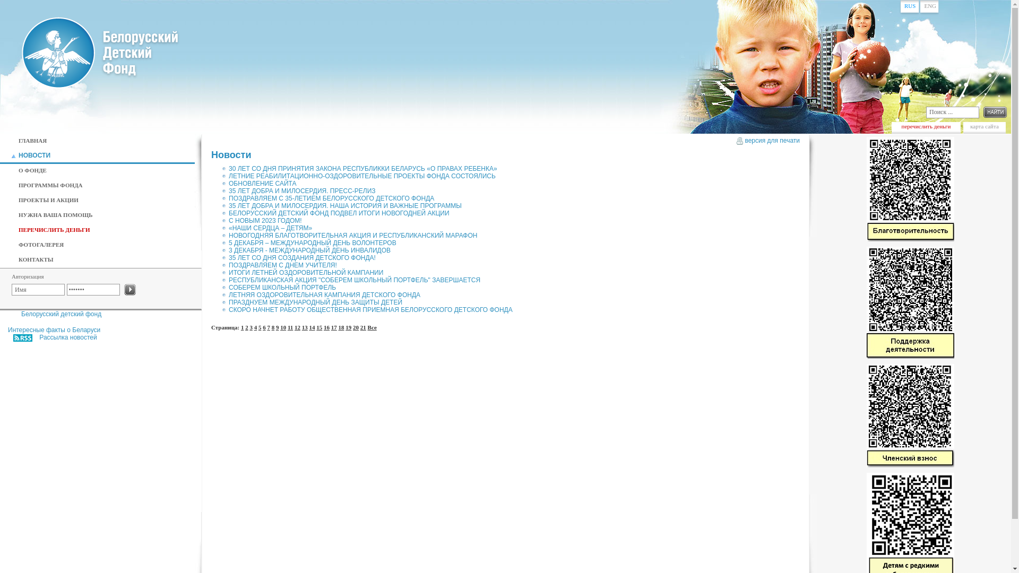 The image size is (1019, 573). What do you see at coordinates (260, 324) in the screenshot?
I see `'5'` at bounding box center [260, 324].